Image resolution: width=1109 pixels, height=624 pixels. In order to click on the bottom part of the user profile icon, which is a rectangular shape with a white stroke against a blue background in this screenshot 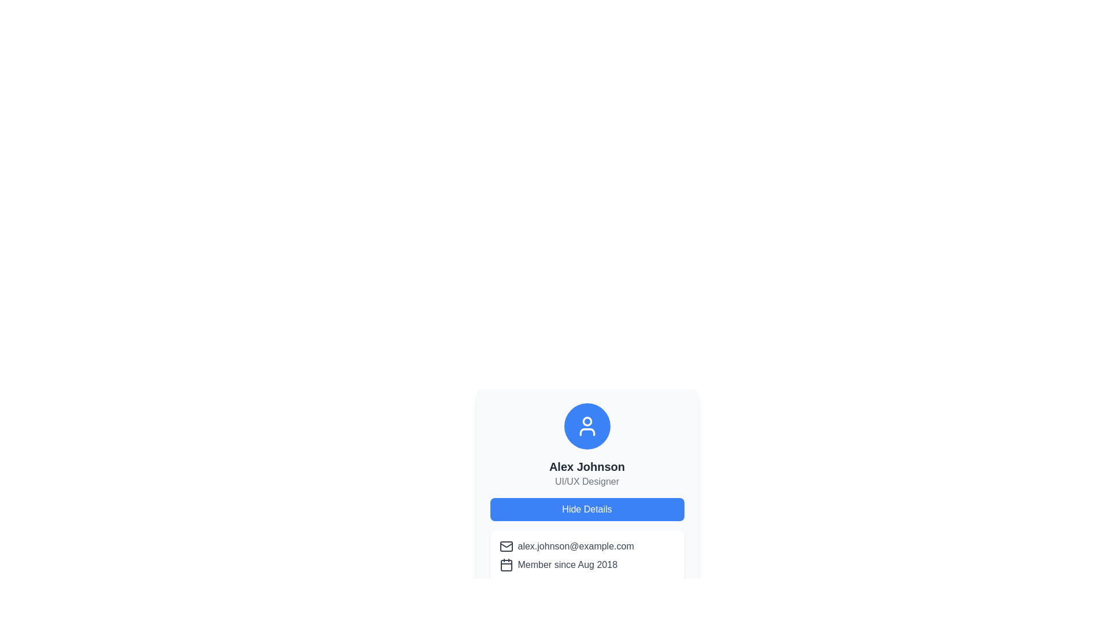, I will do `click(587, 432)`.